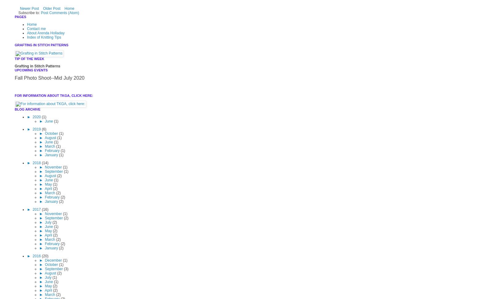  Describe the element at coordinates (29, 58) in the screenshot. I see `'TIP OF THE WEEK'` at that location.